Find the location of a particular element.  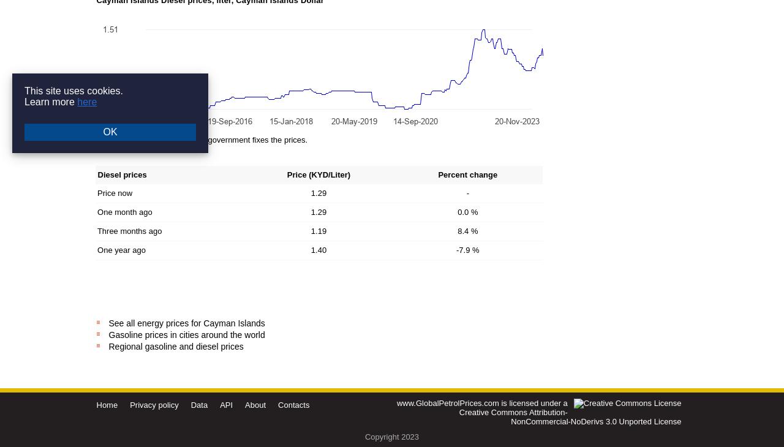

'is licensed under a' is located at coordinates (533, 402).